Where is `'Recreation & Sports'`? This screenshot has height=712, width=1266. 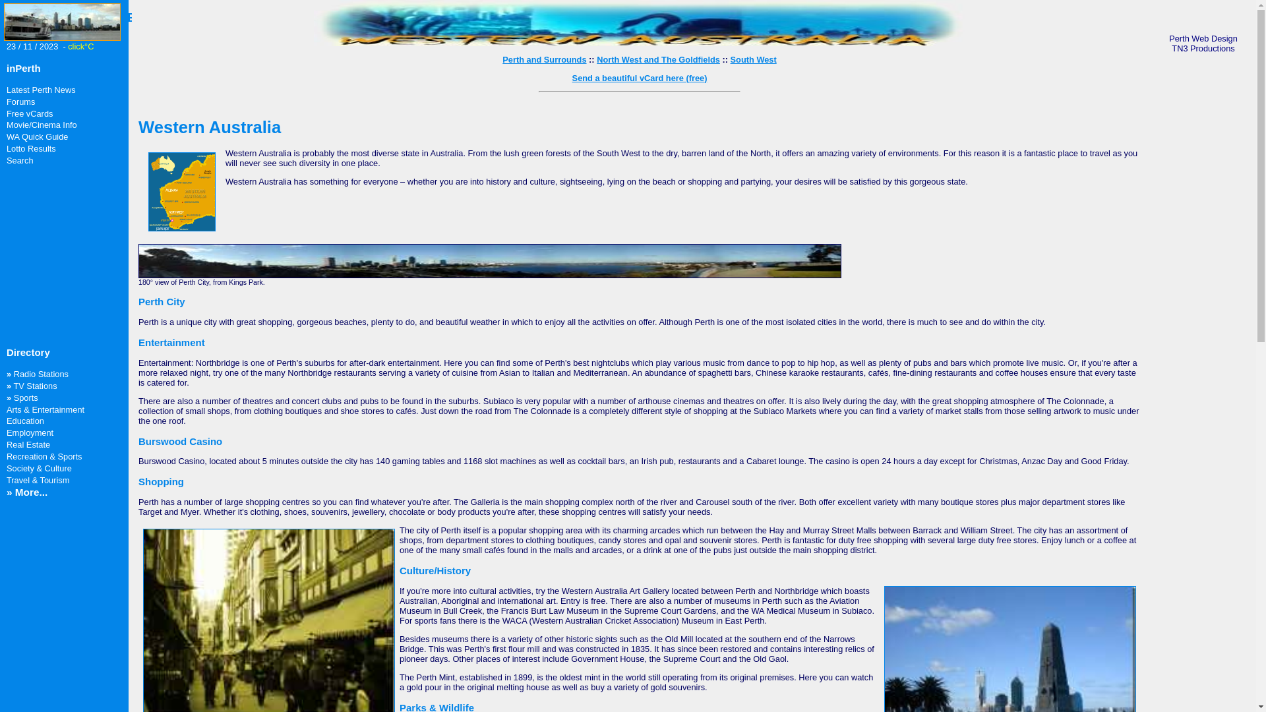 'Recreation & Sports' is located at coordinates (44, 456).